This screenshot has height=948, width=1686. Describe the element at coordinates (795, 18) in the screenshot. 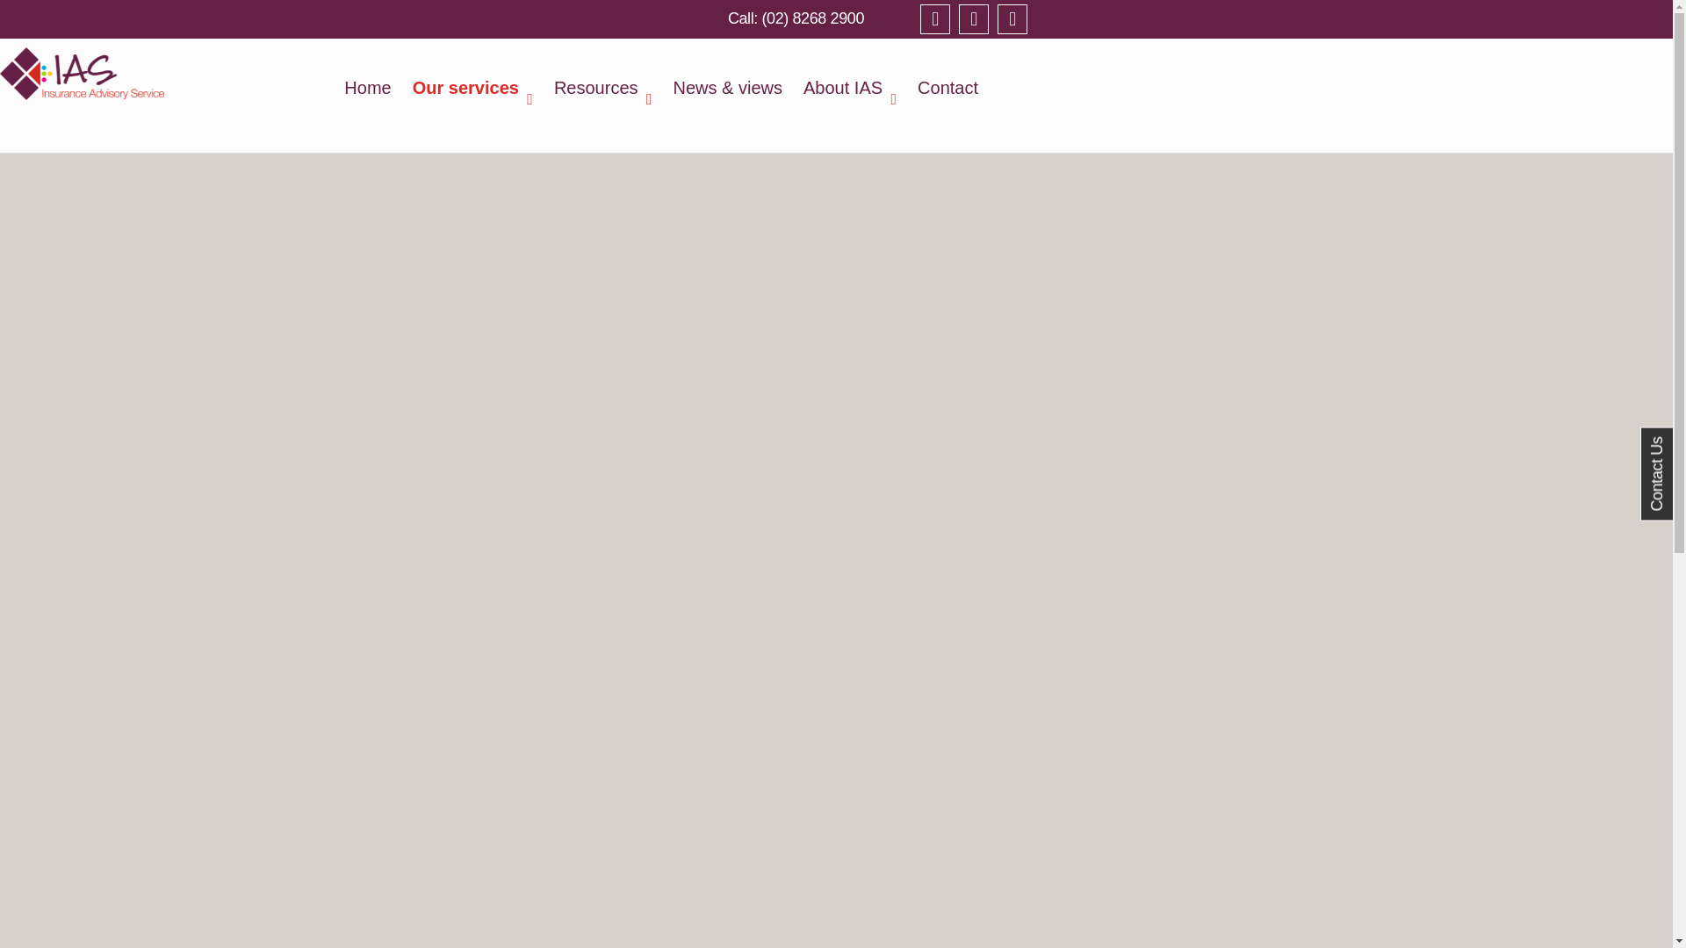

I see `'(02) 8268 2900'` at that location.